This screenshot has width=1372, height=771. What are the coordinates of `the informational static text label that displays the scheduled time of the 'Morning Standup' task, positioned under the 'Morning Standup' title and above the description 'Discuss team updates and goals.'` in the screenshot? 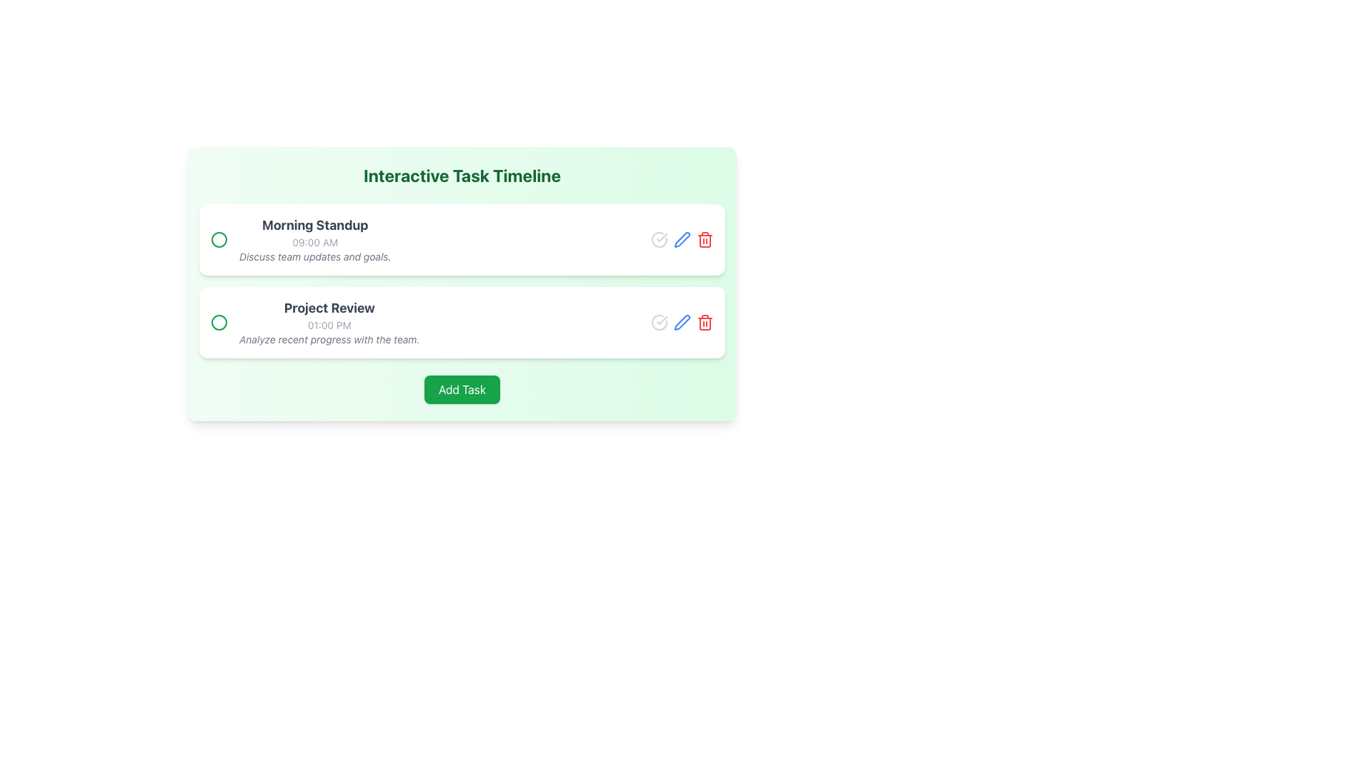 It's located at (314, 241).